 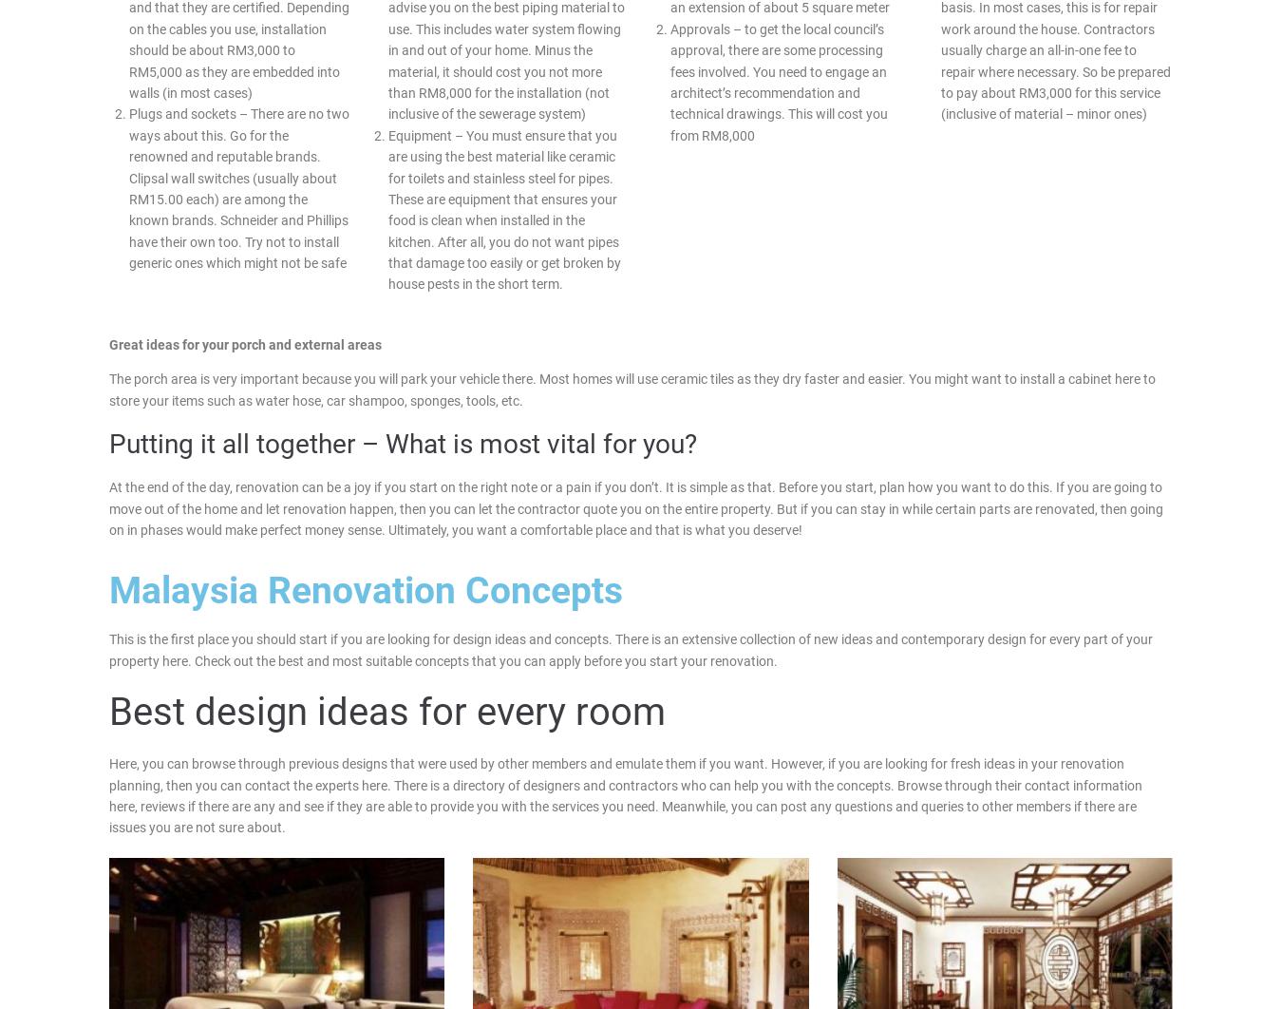 I want to click on 'At the end of the day, renovation can be a joy if you start on the right note or a pain if you don’t. It is simple as that. Before you start, plan how you want to do this. If you are going to move out of the home and let renovation happen, then you can let the contractor quote you on the entire property. But if you can stay in while certain parts are renovated, then going on in phases would make perfect money sense. Ultimately, you want a comfortable place and that is what you deserve!', so click(x=109, y=508).